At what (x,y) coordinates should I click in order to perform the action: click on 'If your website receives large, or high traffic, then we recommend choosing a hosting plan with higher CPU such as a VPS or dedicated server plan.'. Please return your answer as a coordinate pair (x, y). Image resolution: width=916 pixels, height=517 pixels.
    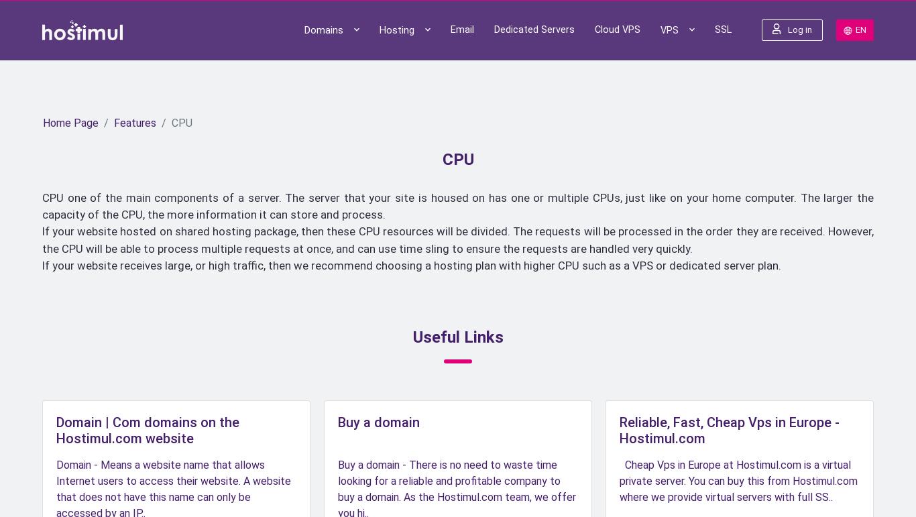
    Looking at the image, I should click on (412, 264).